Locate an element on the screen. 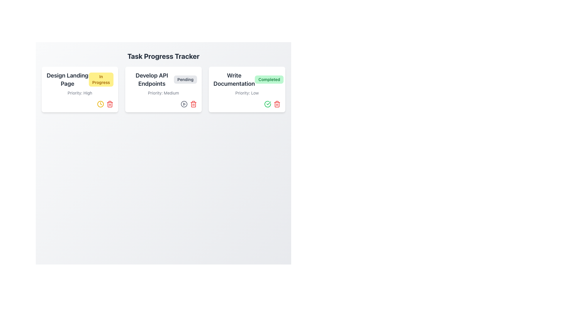 Image resolution: width=563 pixels, height=316 pixels. task name from the Label with status indicator displaying 'Write Documentation' in the third card under the 'Task Progress Tracker' is located at coordinates (247, 80).